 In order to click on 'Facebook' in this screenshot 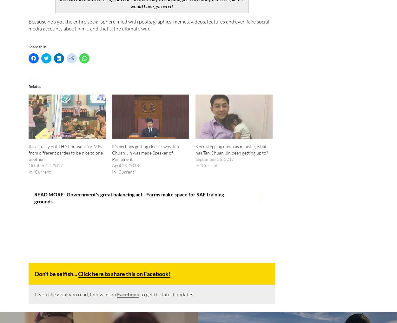, I will do `click(128, 293)`.